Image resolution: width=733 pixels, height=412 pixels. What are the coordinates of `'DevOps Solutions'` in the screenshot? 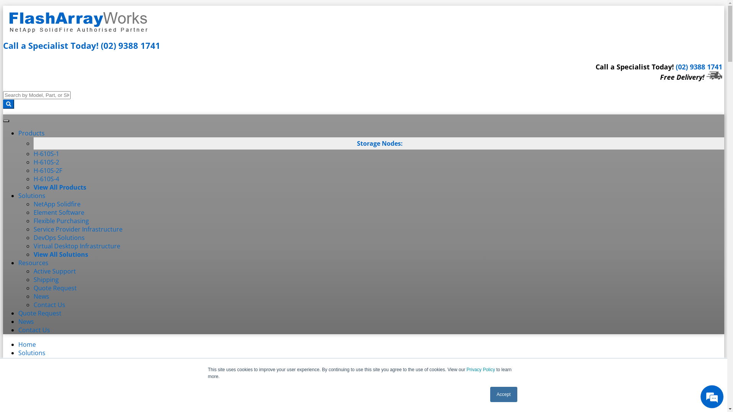 It's located at (58, 237).